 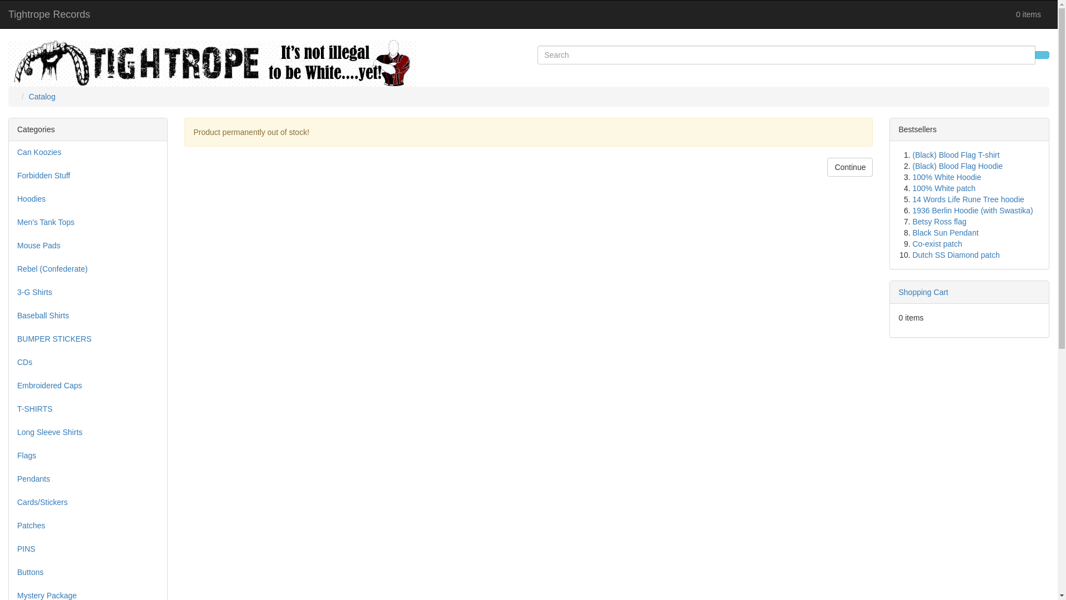 I want to click on '100% White patch', so click(x=912, y=188).